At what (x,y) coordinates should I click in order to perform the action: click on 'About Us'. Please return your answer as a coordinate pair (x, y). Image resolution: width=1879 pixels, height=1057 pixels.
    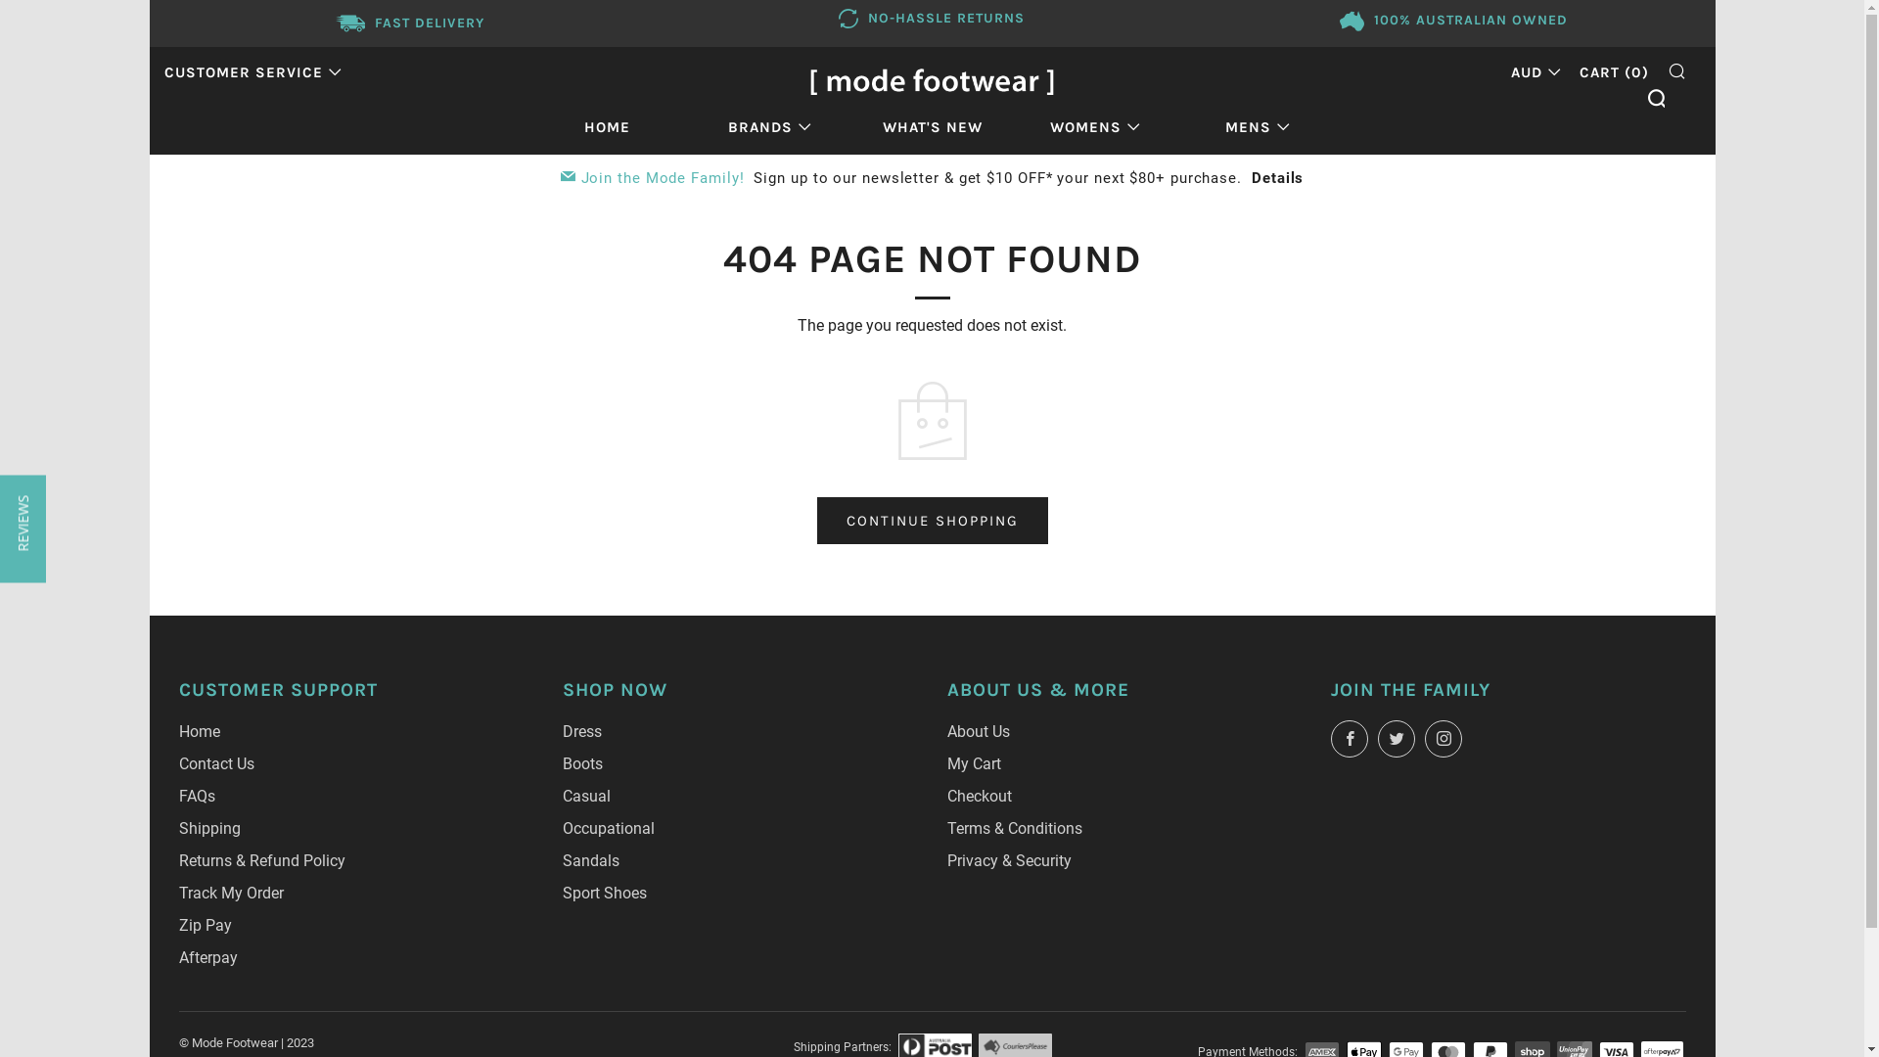
    Looking at the image, I should click on (978, 731).